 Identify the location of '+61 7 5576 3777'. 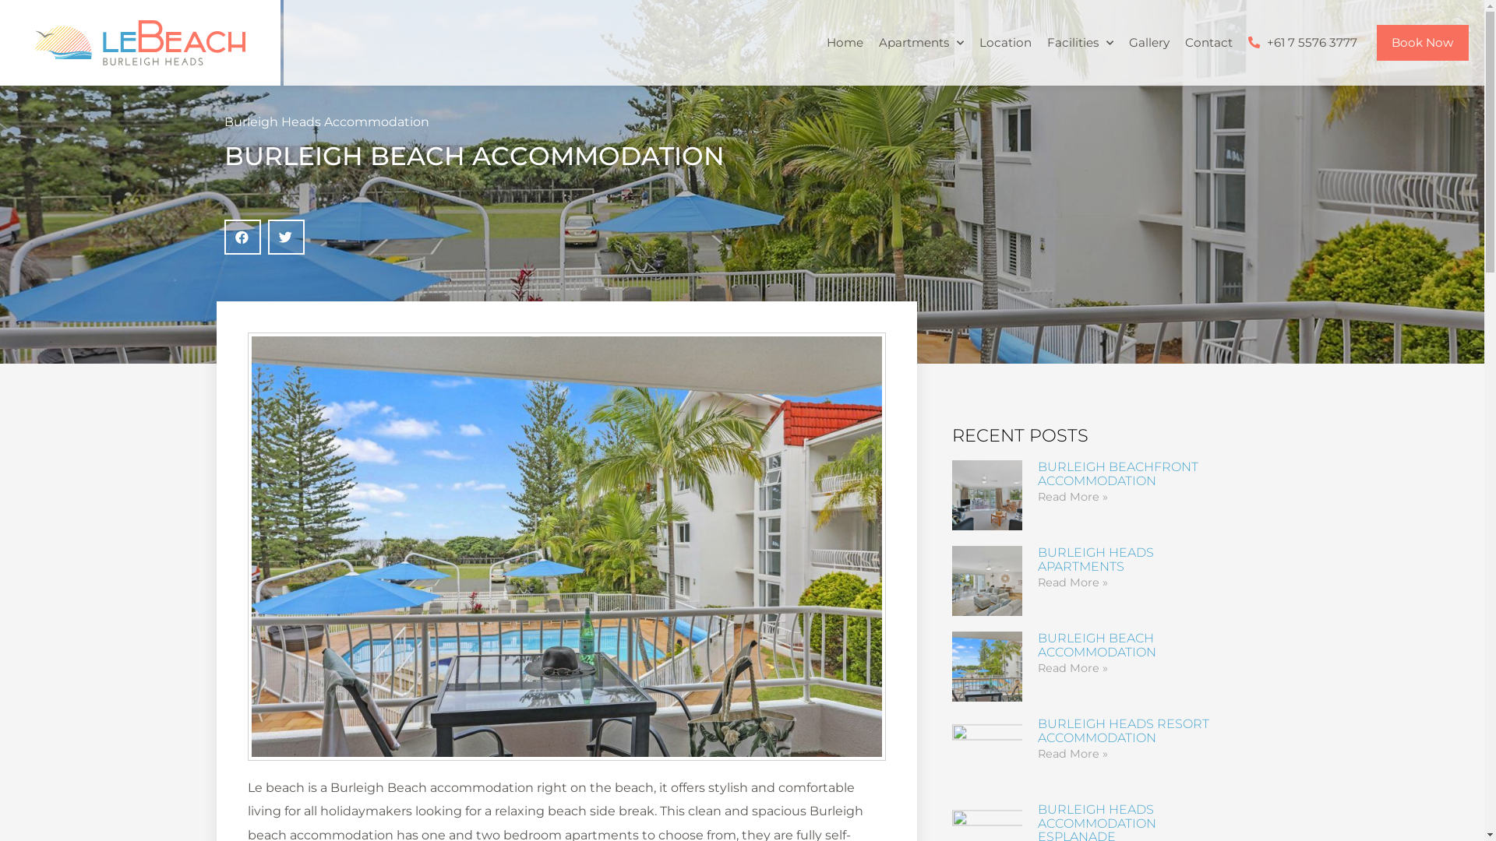
(1302, 41).